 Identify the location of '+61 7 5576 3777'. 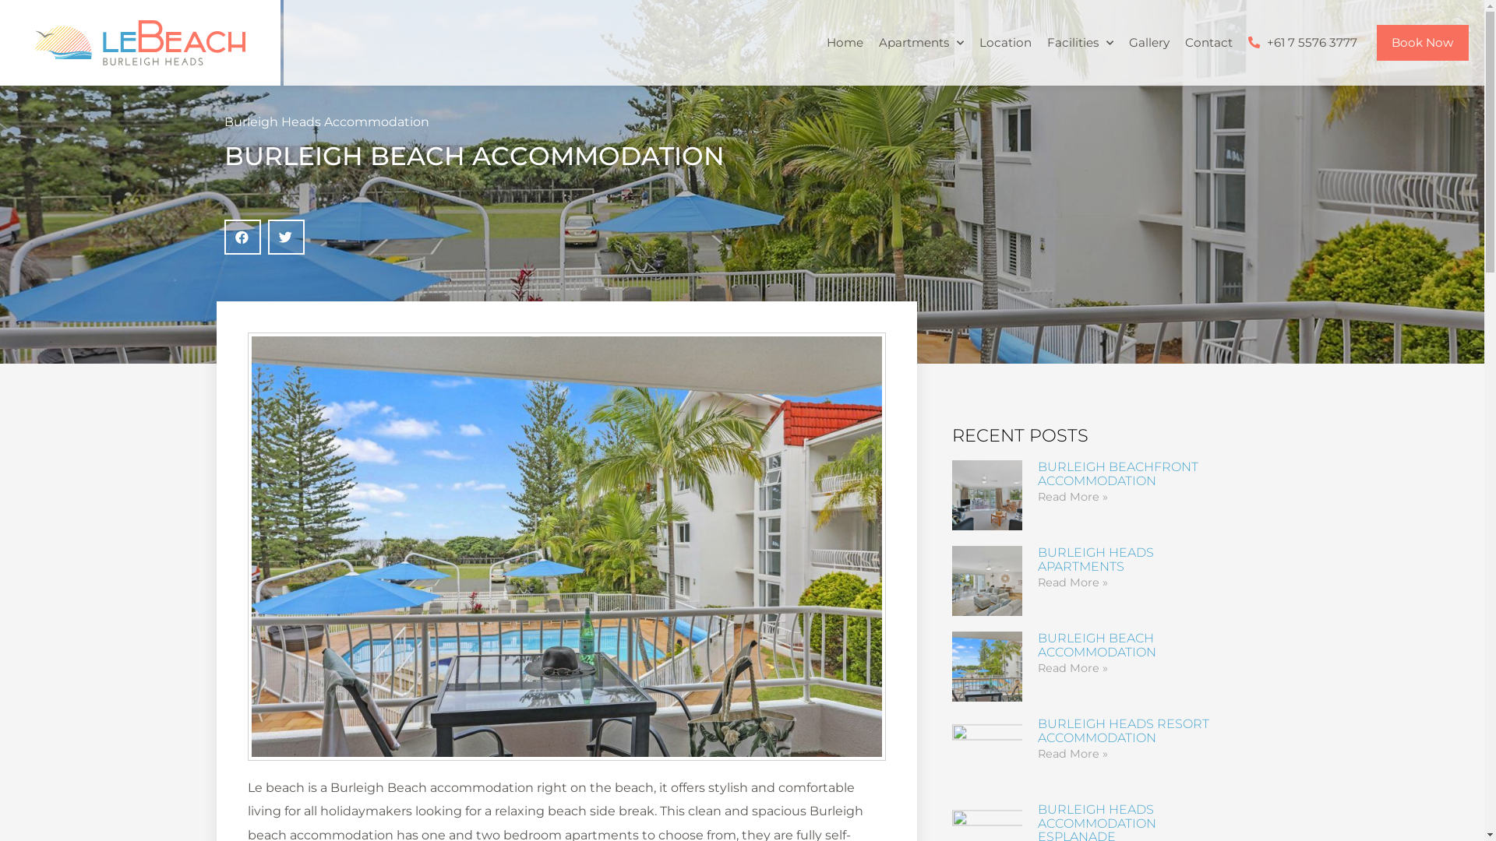
(1302, 41).